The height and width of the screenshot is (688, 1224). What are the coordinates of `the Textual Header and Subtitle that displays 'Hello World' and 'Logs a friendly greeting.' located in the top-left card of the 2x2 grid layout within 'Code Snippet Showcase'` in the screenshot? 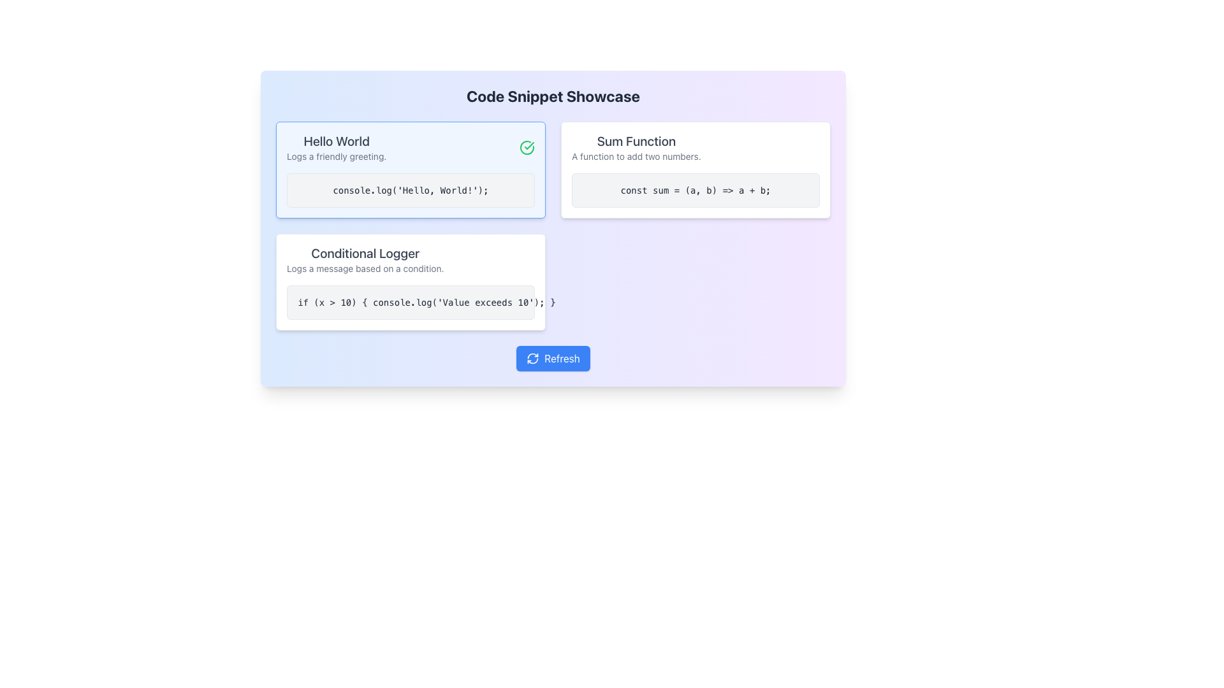 It's located at (337, 147).